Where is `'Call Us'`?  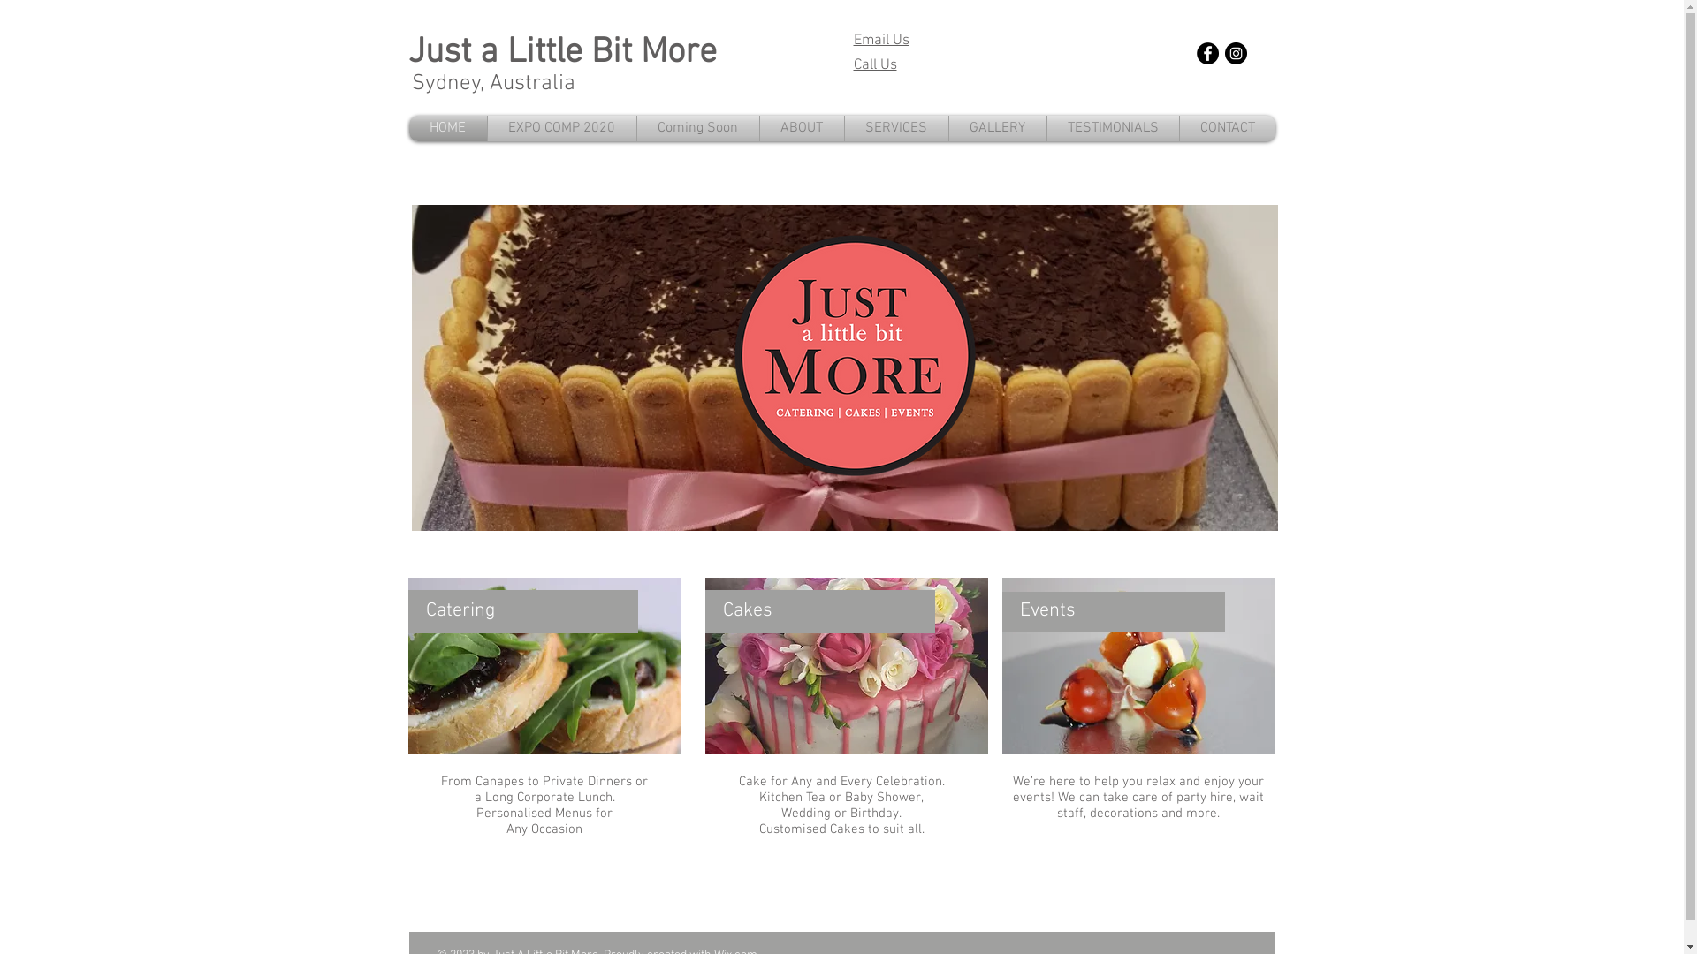
'Call Us' is located at coordinates (853, 64).